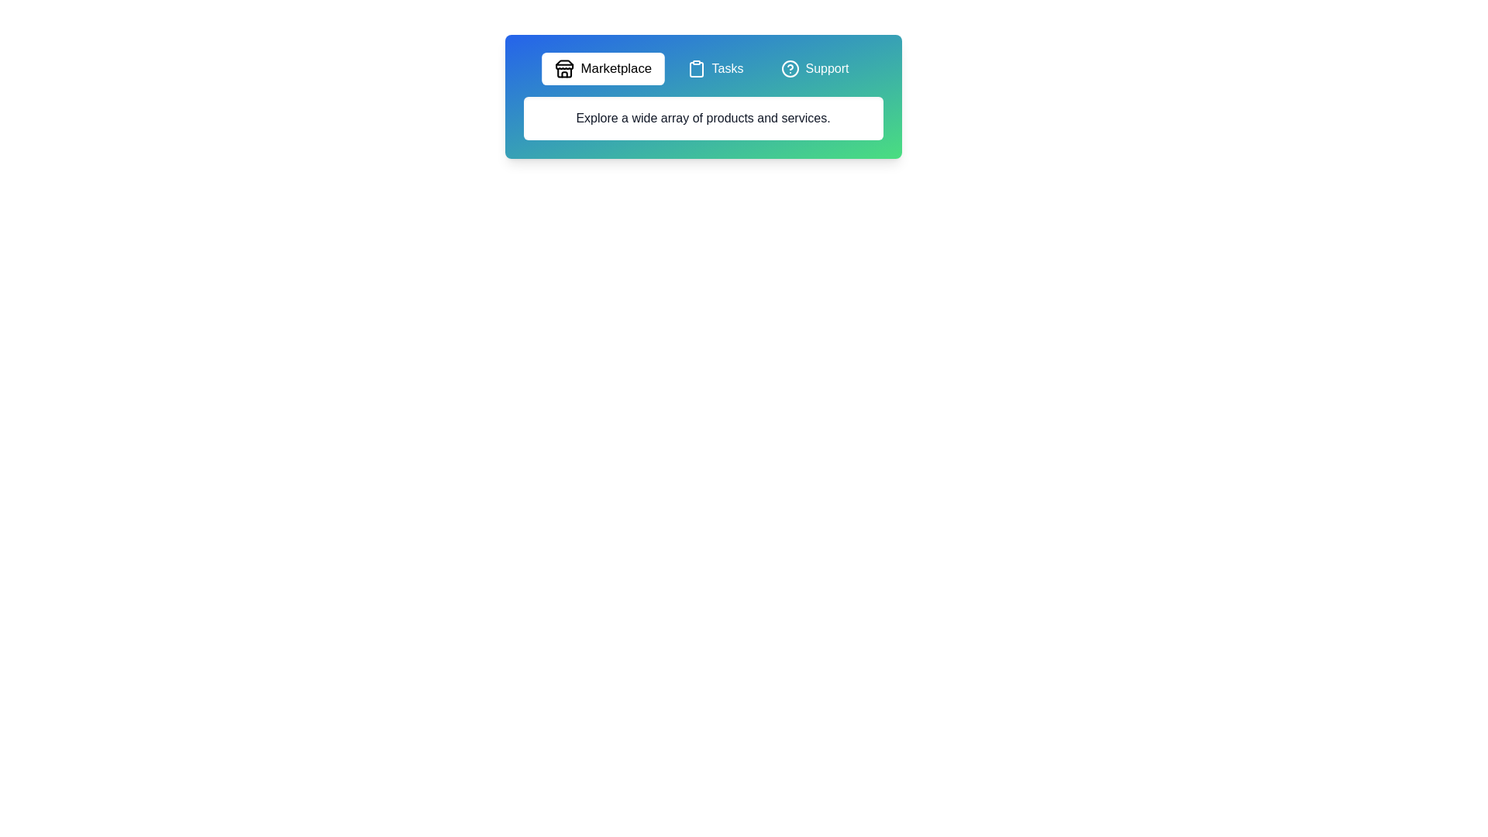 The height and width of the screenshot is (837, 1488). Describe the element at coordinates (602, 67) in the screenshot. I see `the tab button labeled Marketplace to observe its hover effect` at that location.